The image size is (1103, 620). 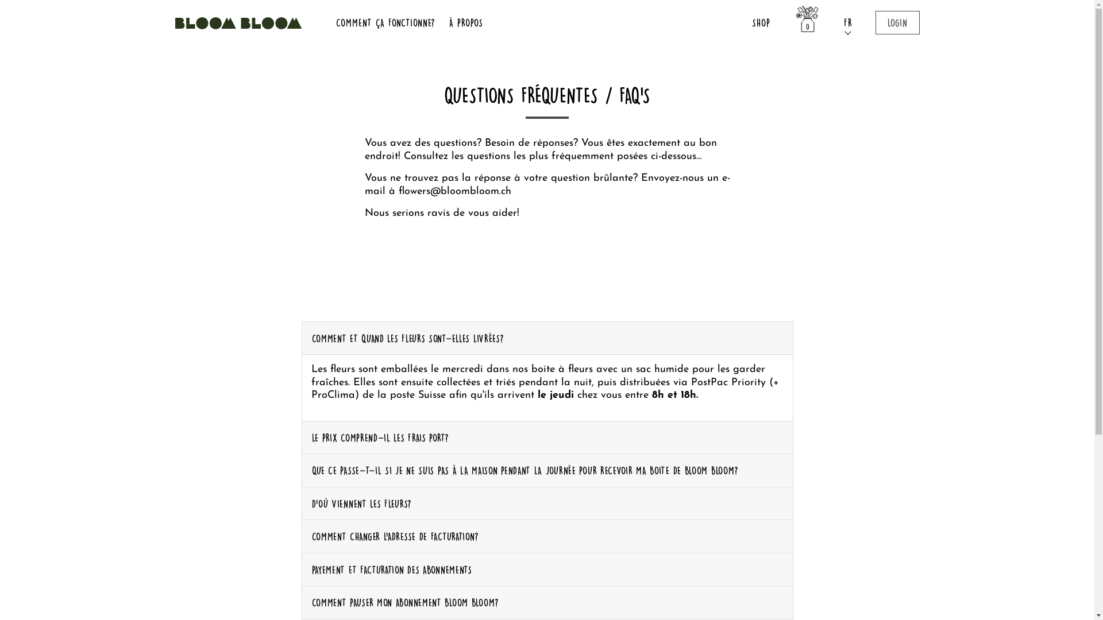 What do you see at coordinates (547, 437) in the screenshot?
I see `'LE PRIX COMPREND-IL LES FRAIS PORT?'` at bounding box center [547, 437].